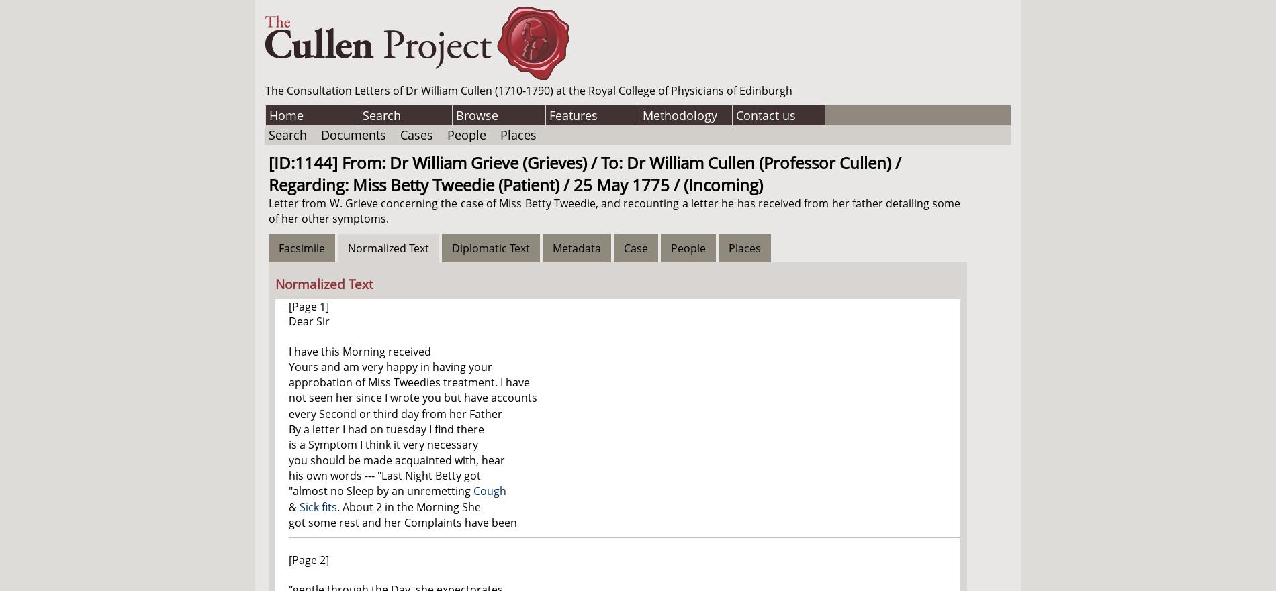 Image resolution: width=1276 pixels, height=591 pixels. Describe the element at coordinates (353, 134) in the screenshot. I see `'Documents'` at that location.